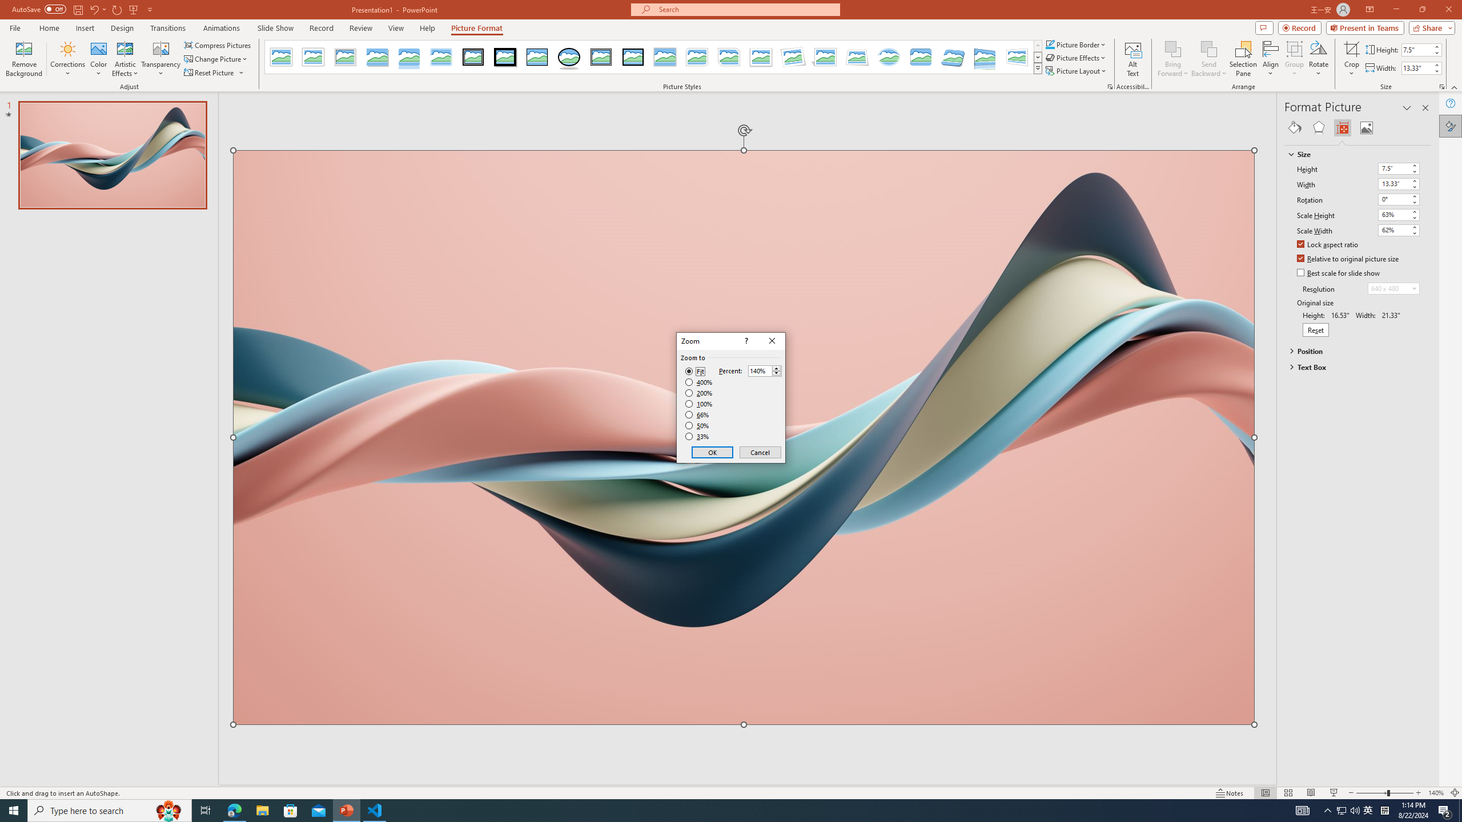 The width and height of the screenshot is (1462, 822). Describe the element at coordinates (569, 57) in the screenshot. I see `'Beveled Oval, Black'` at that location.